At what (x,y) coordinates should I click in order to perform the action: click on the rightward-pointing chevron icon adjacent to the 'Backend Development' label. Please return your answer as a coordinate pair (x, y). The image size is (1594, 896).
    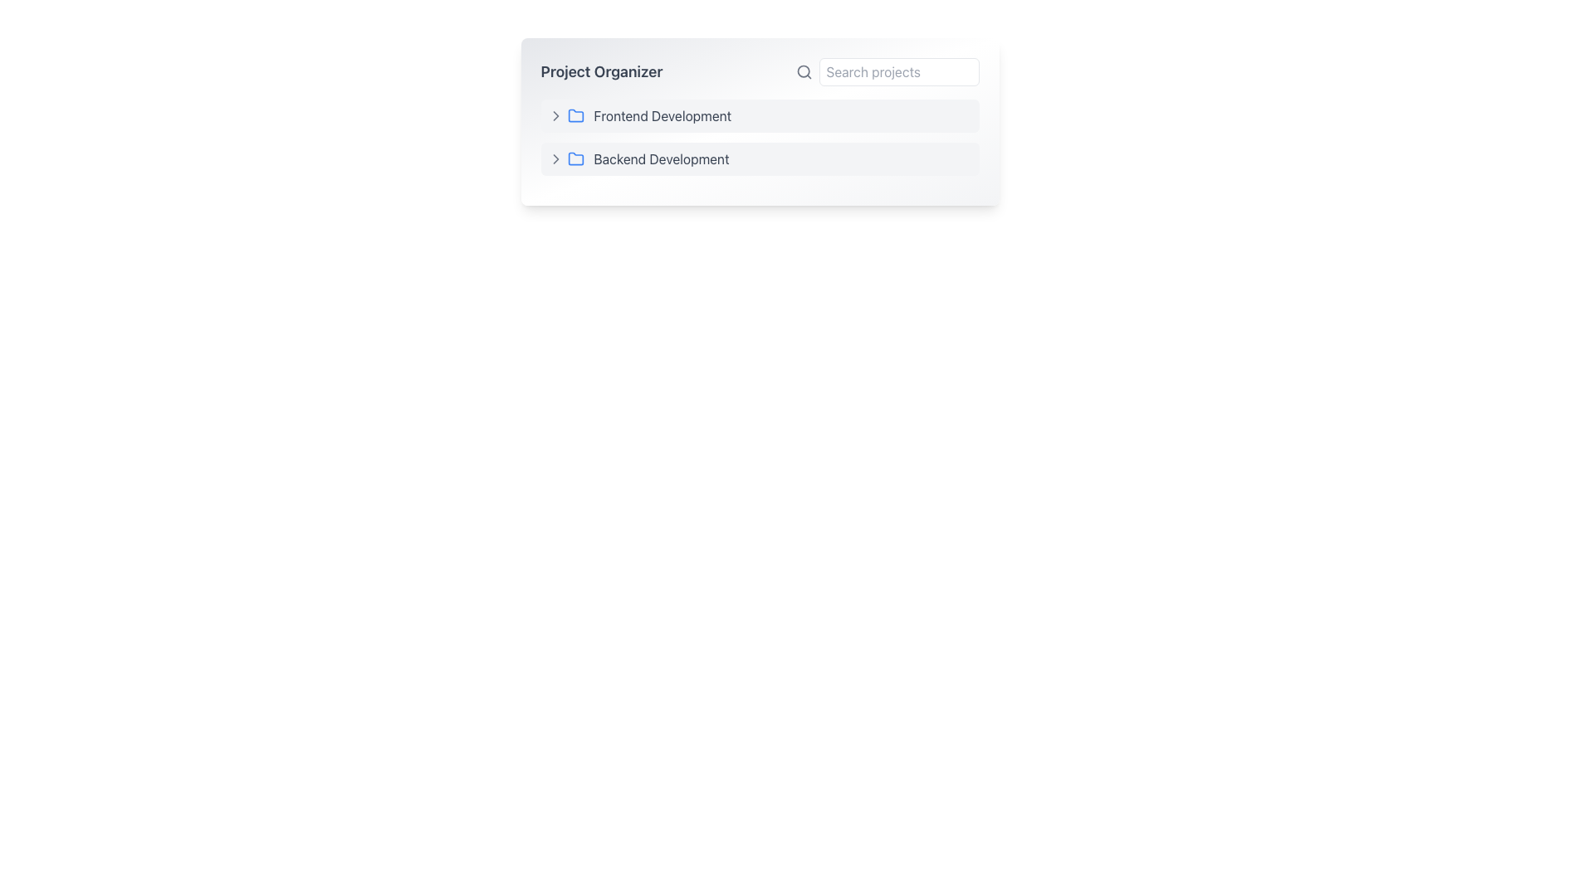
    Looking at the image, I should click on (555, 159).